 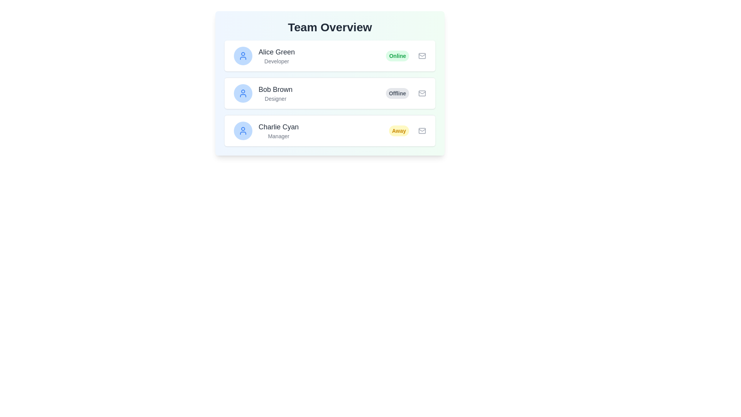 What do you see at coordinates (278, 136) in the screenshot?
I see `the static text label that indicates the role 'Manager' of the individual 'Charlie Cyan' in the team overview, located below 'Charlie Cyan' in the third list item` at bounding box center [278, 136].